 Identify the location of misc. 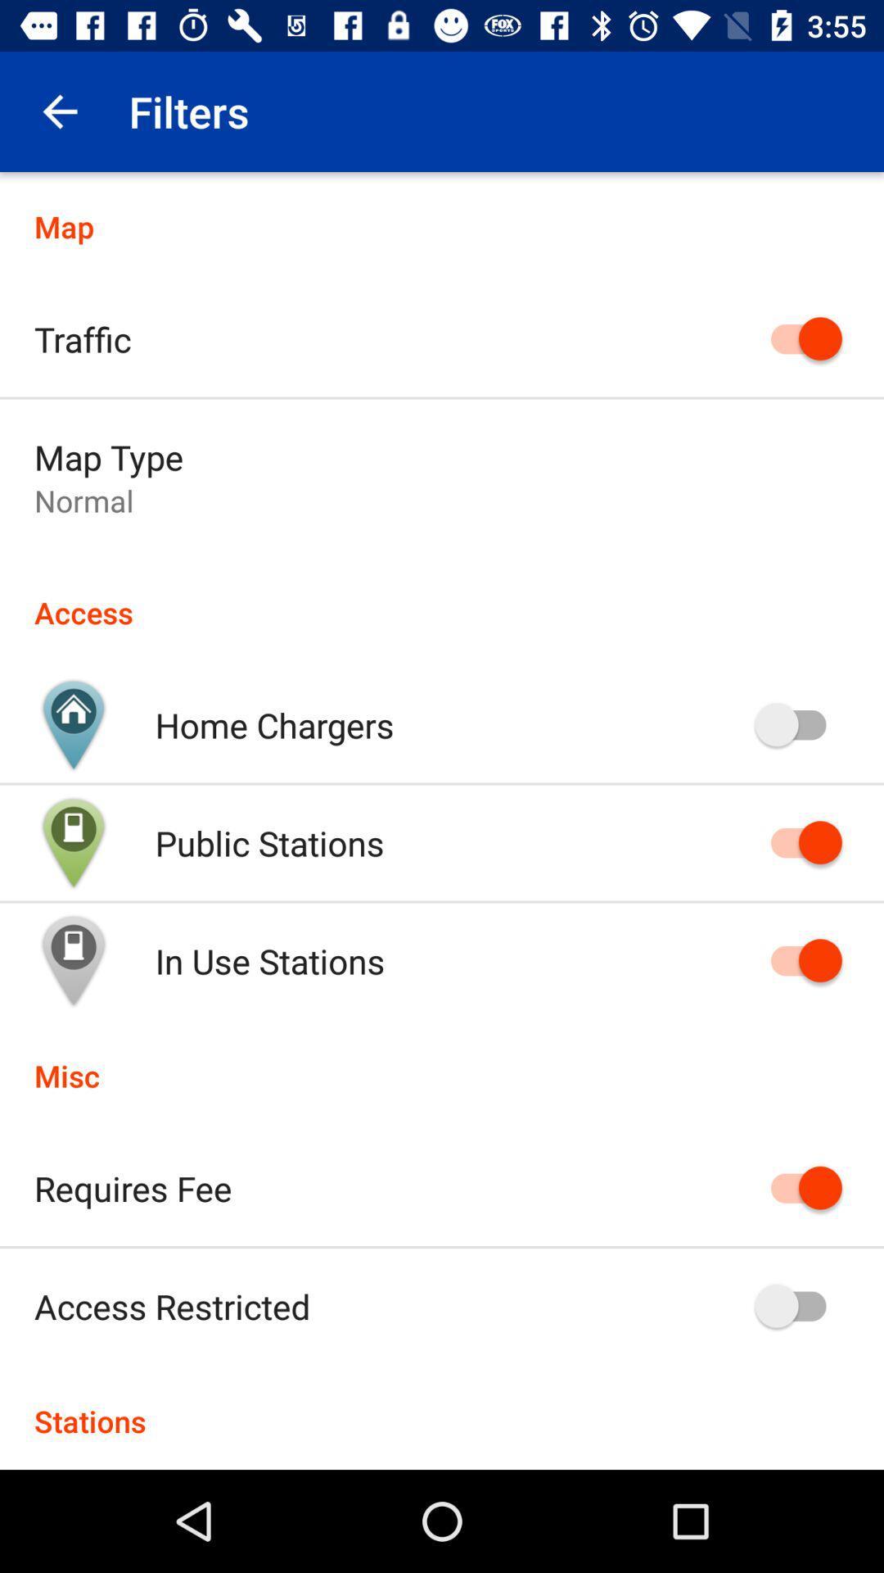
(442, 1058).